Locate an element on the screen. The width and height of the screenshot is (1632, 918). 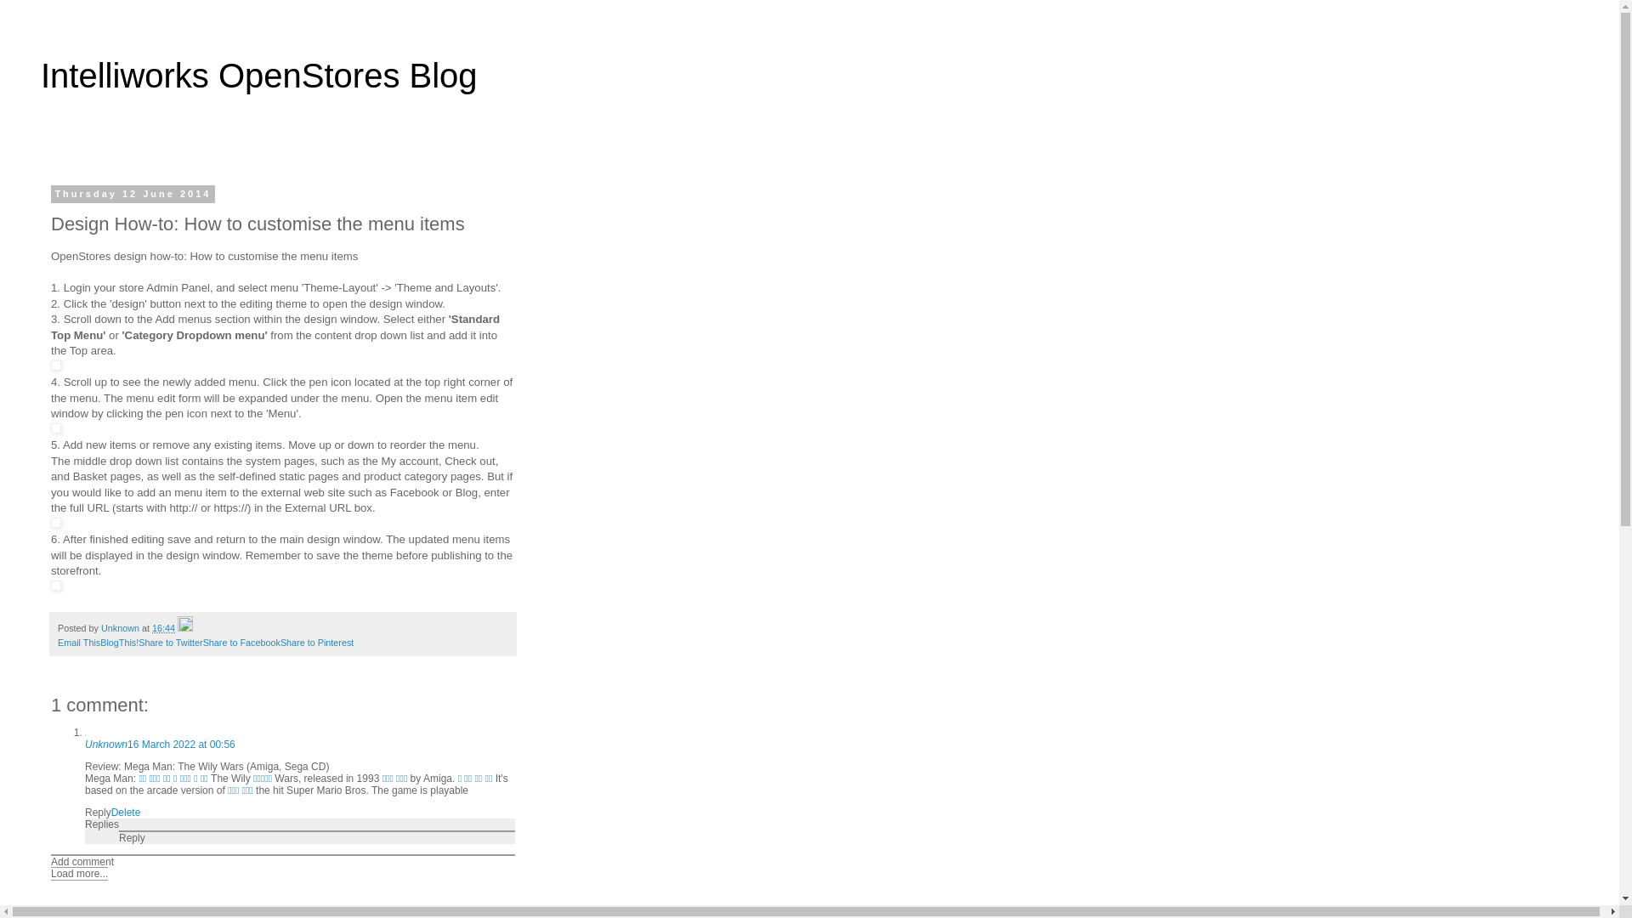
'Share to Facebook' is located at coordinates (241, 643).